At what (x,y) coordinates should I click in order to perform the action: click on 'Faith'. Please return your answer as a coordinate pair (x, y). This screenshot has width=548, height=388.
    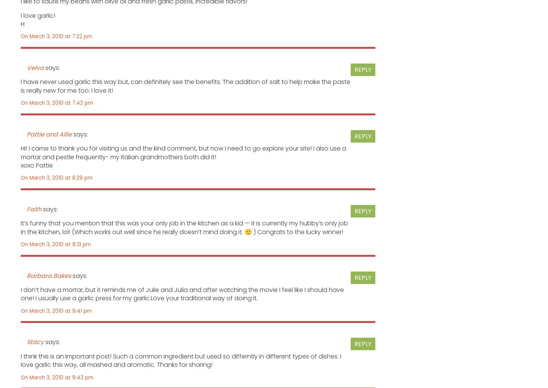
    Looking at the image, I should click on (34, 209).